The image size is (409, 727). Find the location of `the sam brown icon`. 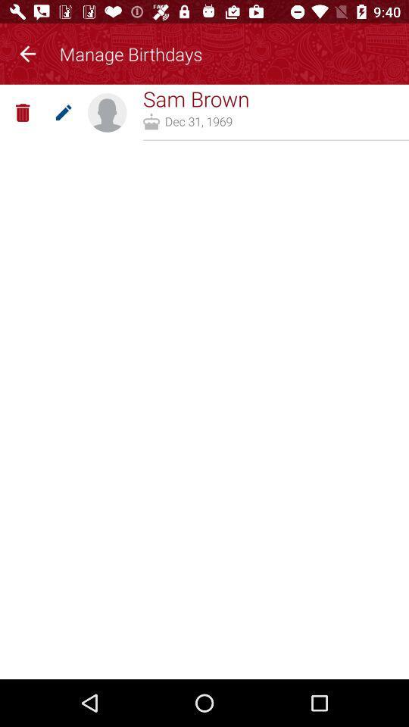

the sam brown icon is located at coordinates (196, 98).